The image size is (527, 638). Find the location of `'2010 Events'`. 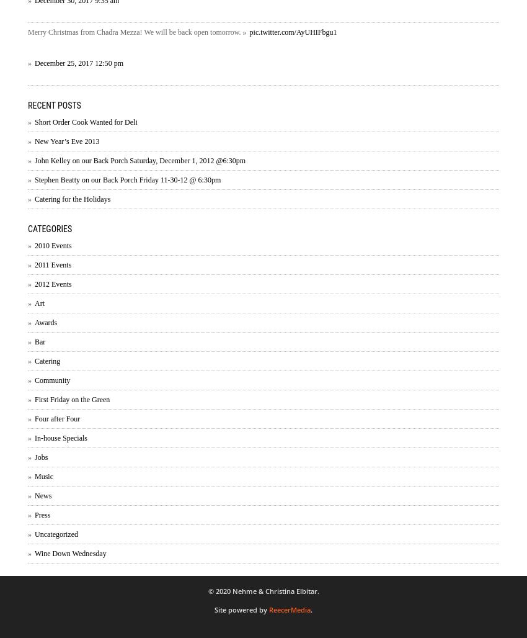

'2010 Events' is located at coordinates (53, 245).